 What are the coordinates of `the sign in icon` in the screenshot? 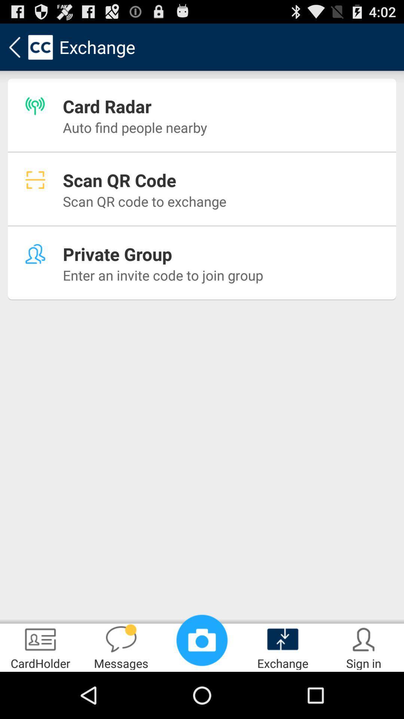 It's located at (363, 646).